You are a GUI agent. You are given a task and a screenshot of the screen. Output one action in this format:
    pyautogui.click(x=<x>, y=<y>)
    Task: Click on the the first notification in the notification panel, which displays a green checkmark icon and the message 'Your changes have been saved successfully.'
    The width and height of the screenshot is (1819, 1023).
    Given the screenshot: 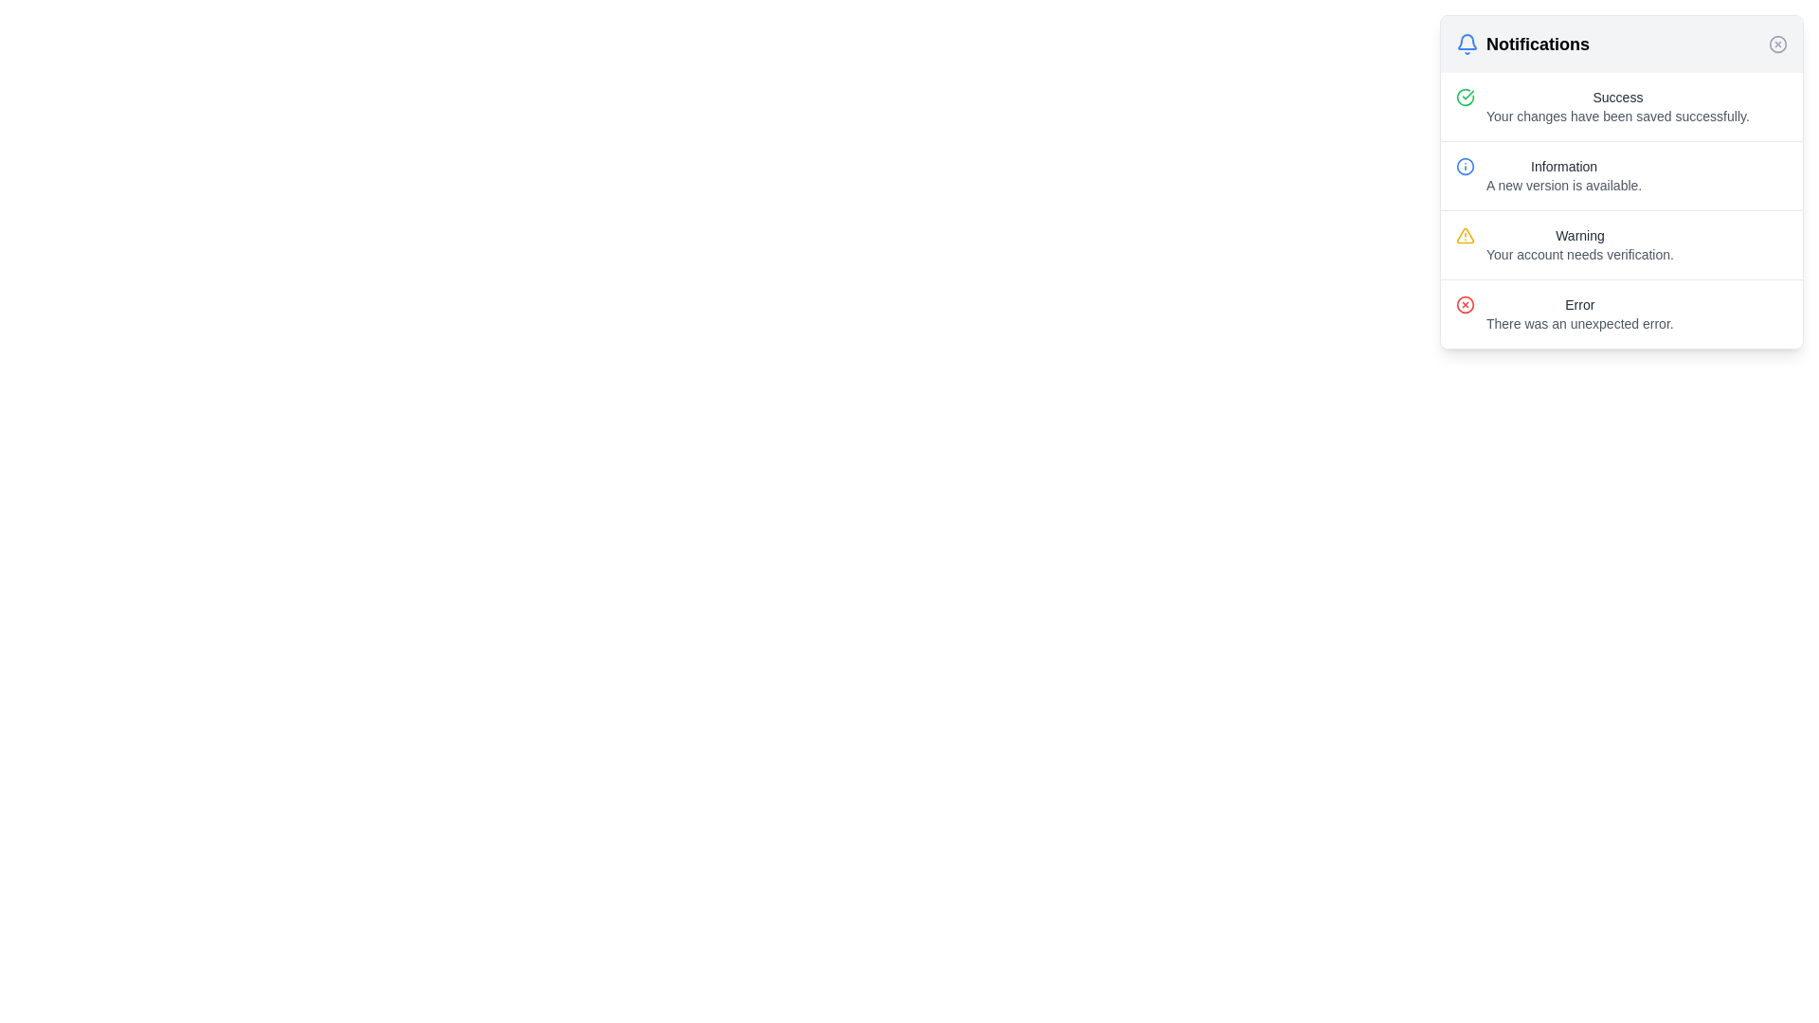 What is the action you would take?
    pyautogui.click(x=1621, y=106)
    